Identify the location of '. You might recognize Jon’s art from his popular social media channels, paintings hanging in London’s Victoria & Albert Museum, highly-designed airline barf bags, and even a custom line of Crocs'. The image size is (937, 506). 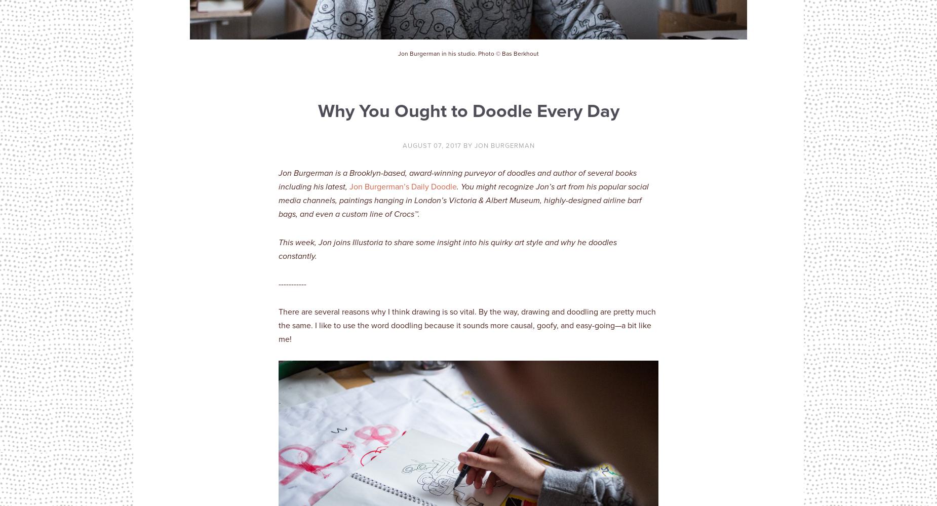
(463, 200).